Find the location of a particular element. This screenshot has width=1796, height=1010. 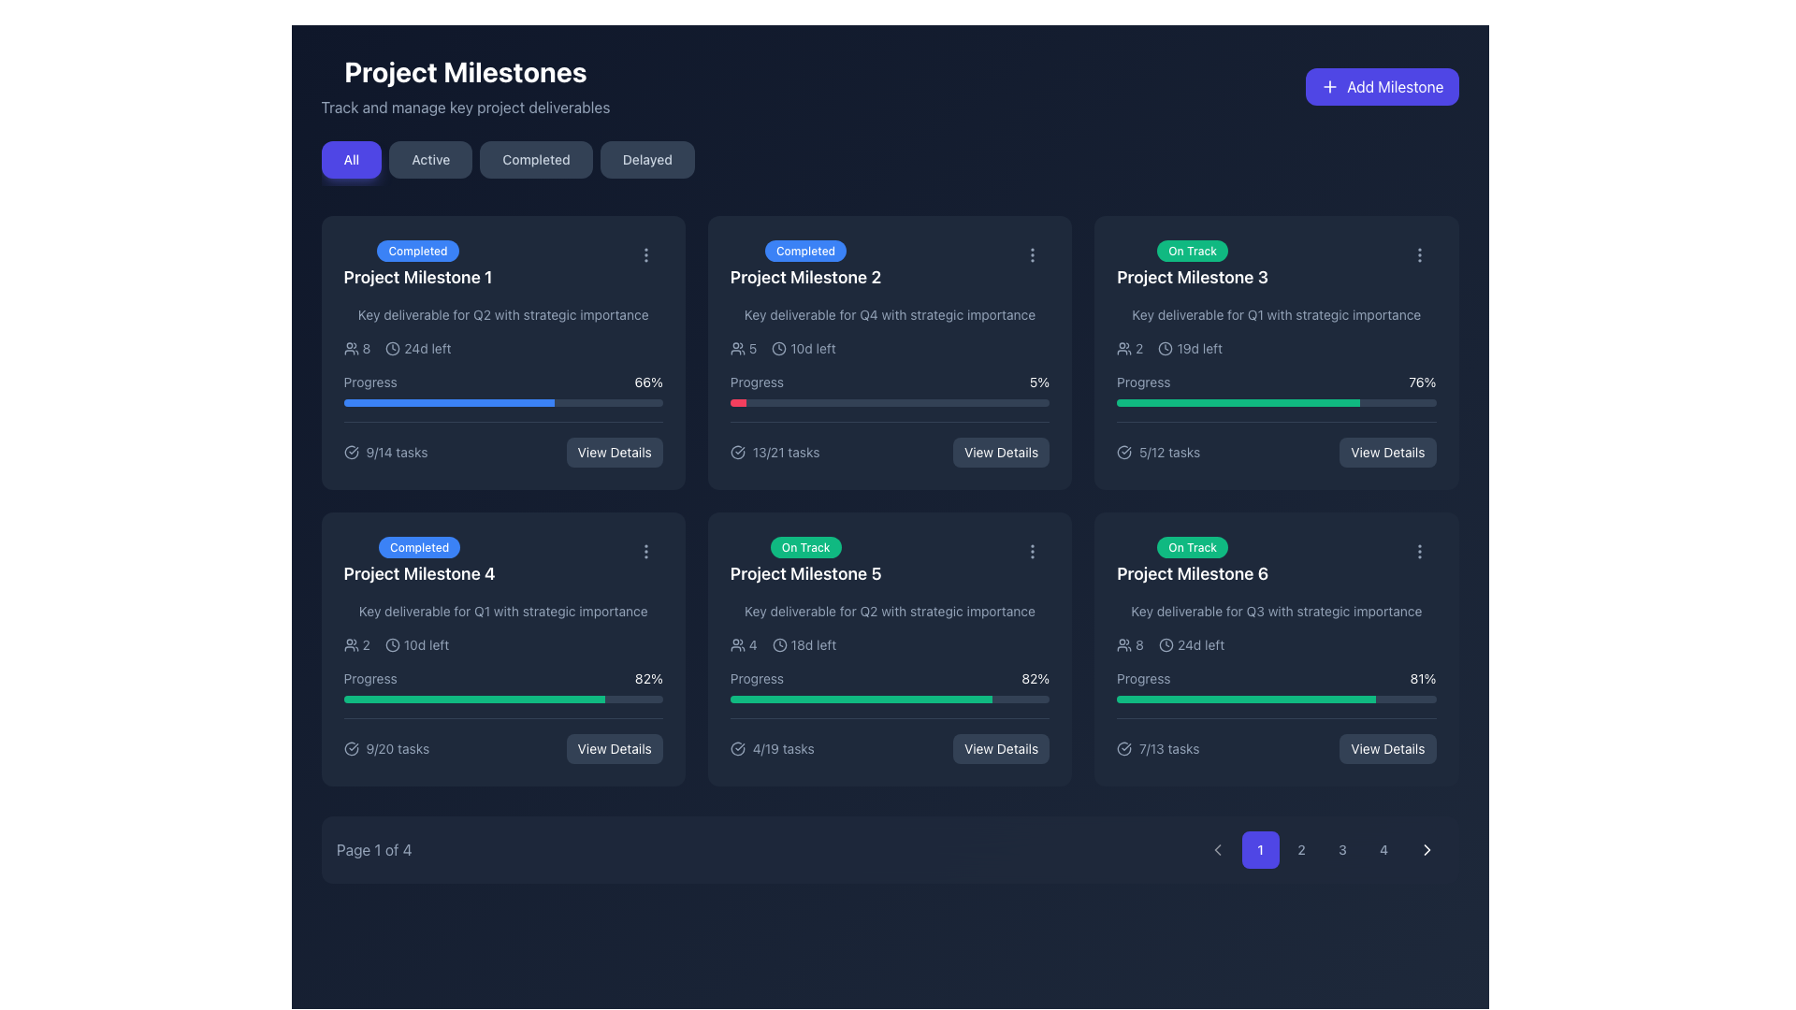

the clock icon that represents the duration of '24d left' in the Project Milestone 1 card, located at the top-left of the milestones grid is located at coordinates (392, 349).